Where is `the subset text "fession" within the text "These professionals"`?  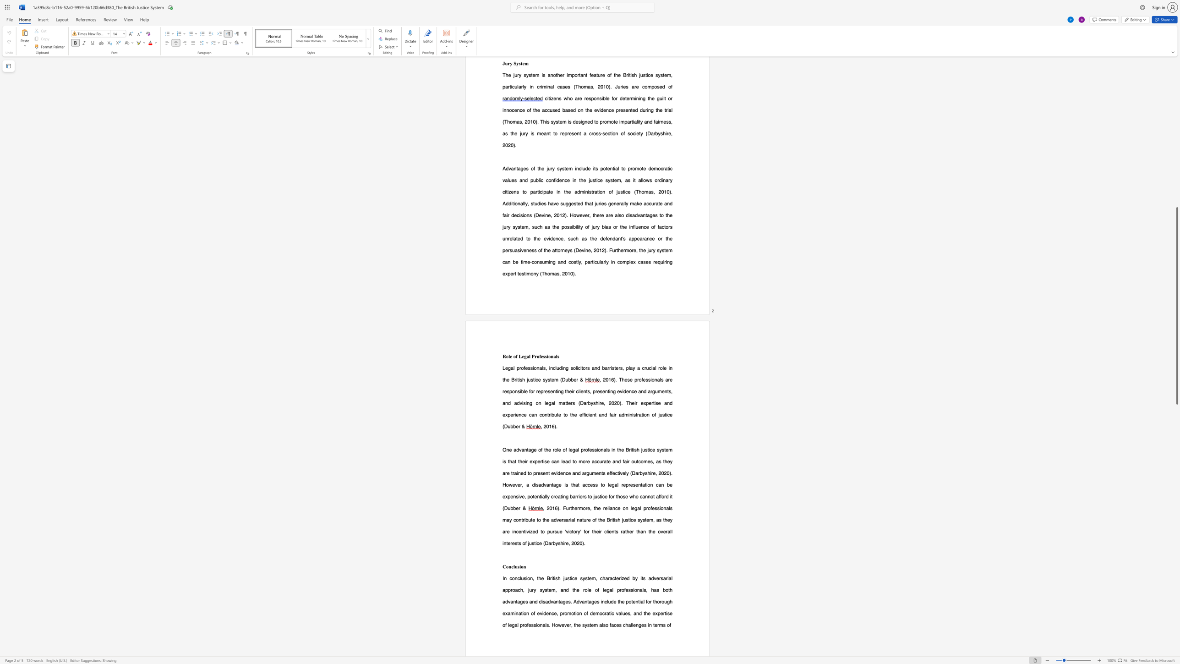
the subset text "fession" within the text "These professionals" is located at coordinates (641, 379).